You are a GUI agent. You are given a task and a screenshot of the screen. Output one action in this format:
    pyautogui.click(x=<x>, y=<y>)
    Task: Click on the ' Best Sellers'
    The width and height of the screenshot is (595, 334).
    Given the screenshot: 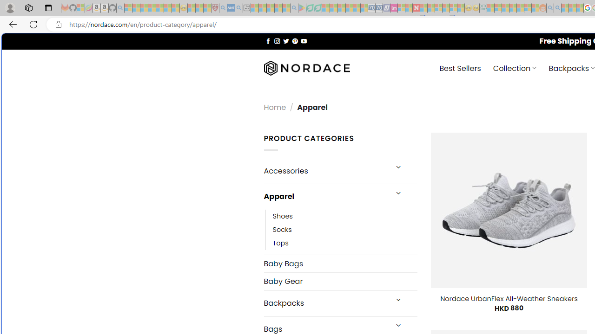 What is the action you would take?
    pyautogui.click(x=460, y=67)
    